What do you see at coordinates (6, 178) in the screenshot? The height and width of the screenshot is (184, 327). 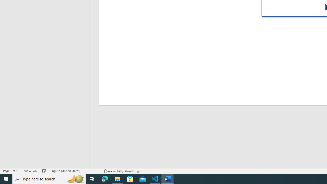 I see `'Start'` at bounding box center [6, 178].